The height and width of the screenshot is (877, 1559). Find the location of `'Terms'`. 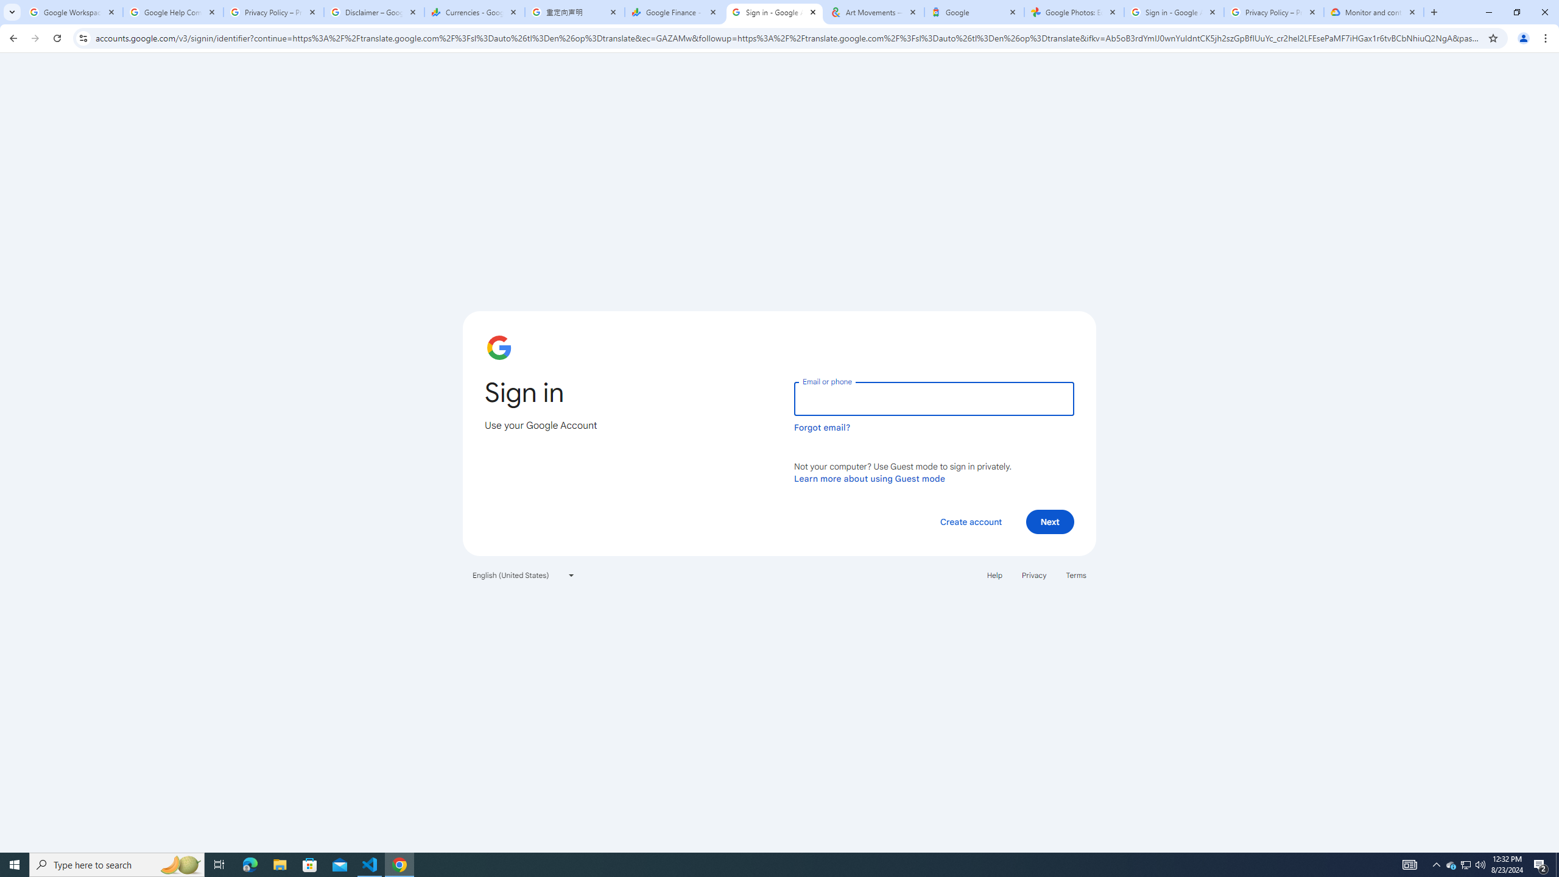

'Terms' is located at coordinates (1075, 574).